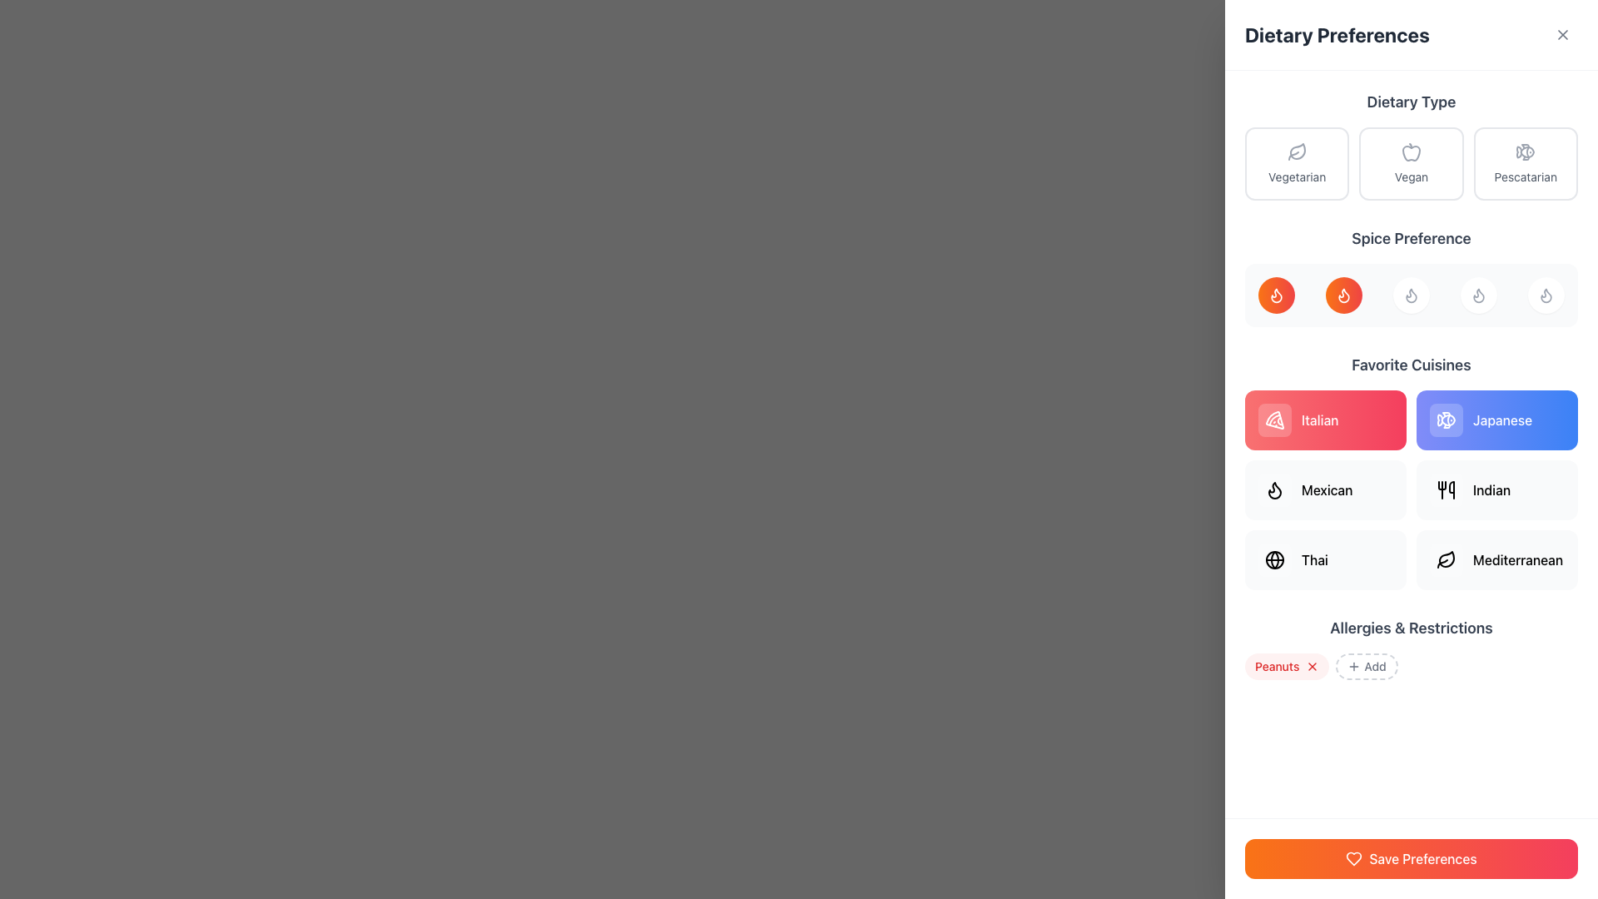 The width and height of the screenshot is (1598, 899). Describe the element at coordinates (1497, 559) in the screenshot. I see `the selectable option labeled 'Mediterranean' which features a leaf icon, located as the sixth option in the 'Favorite Cuisines' section` at that location.